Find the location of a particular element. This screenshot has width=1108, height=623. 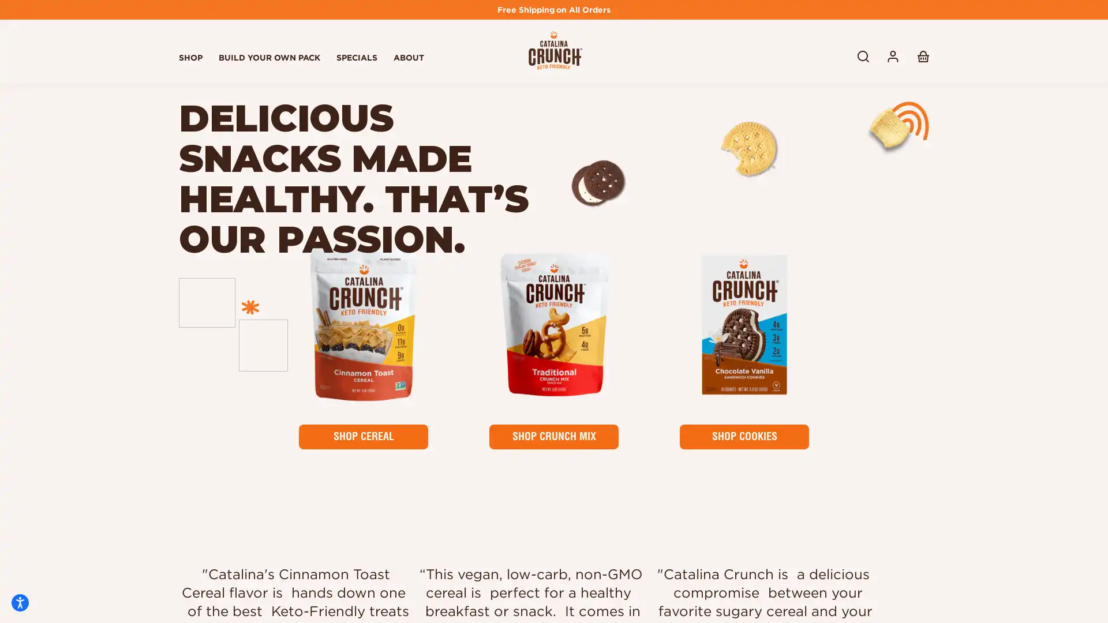

Open accessibility options, statement and help is located at coordinates (20, 602).